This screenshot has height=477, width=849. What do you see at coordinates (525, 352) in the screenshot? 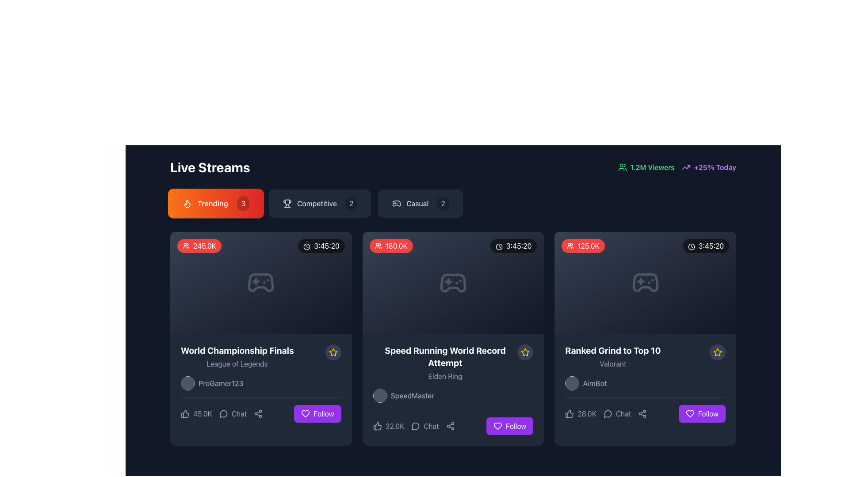
I see `the yellow star icon located at the center-right of the second card` at bounding box center [525, 352].